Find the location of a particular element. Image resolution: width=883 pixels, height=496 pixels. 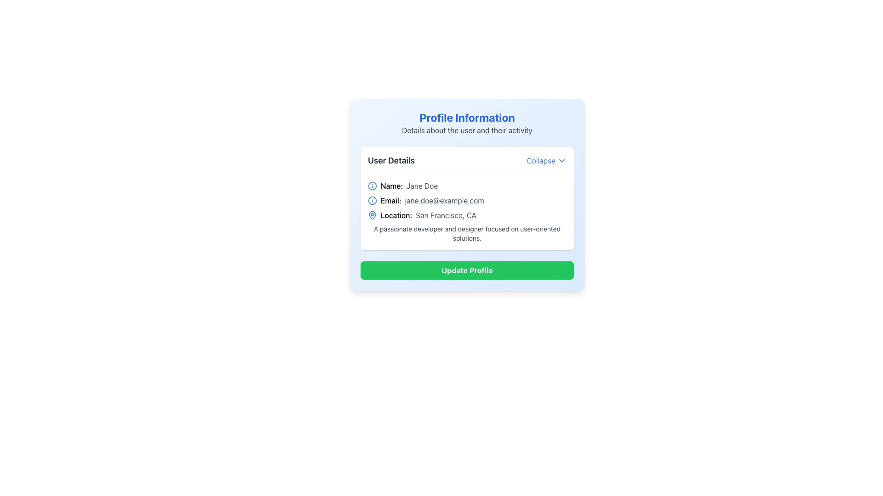

the static text label that identifies the user's email address, located in the 'User Details' section next to 'Jane Doe' and preceding the email content is located at coordinates (391, 200).